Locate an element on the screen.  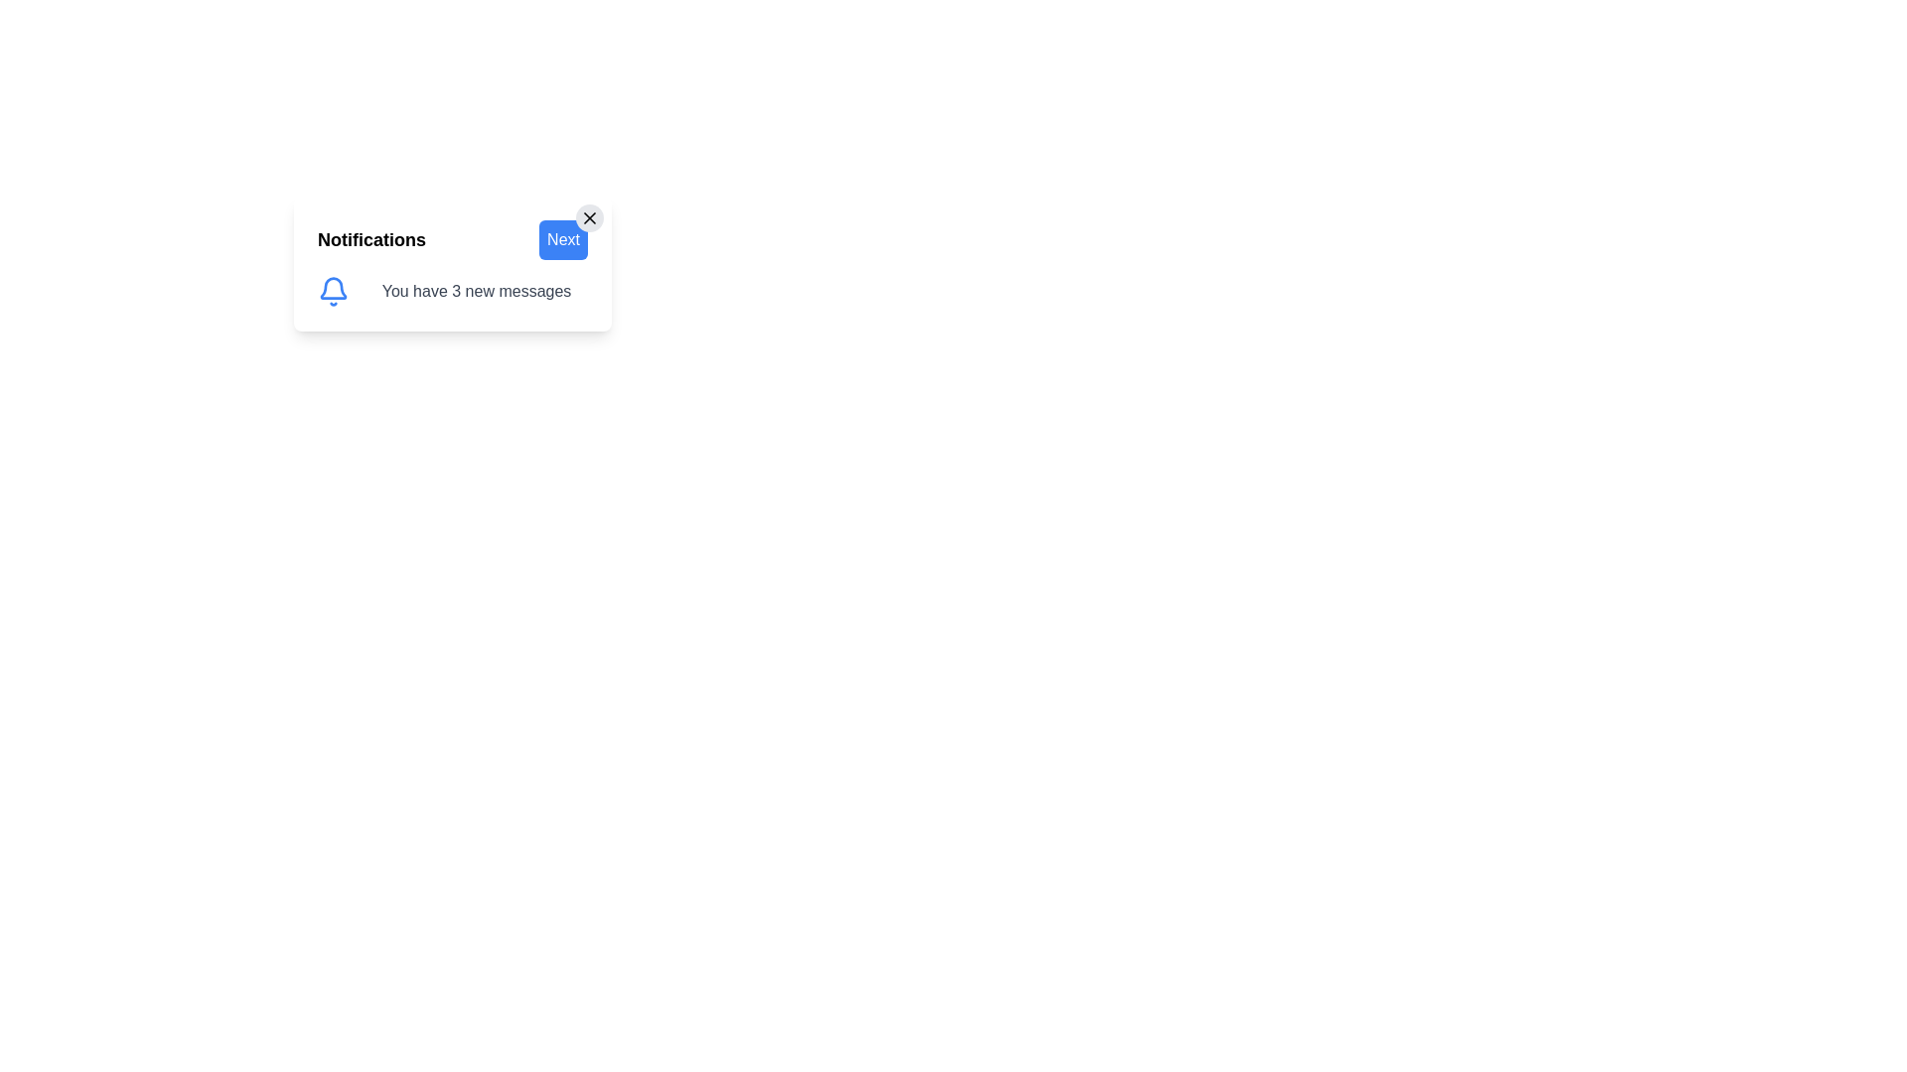
text content of the 'Notifications' label, which is styled in a bold and larger font and located at the top-left corner of the notification card, adjacent to the 'Next' button is located at coordinates (371, 239).